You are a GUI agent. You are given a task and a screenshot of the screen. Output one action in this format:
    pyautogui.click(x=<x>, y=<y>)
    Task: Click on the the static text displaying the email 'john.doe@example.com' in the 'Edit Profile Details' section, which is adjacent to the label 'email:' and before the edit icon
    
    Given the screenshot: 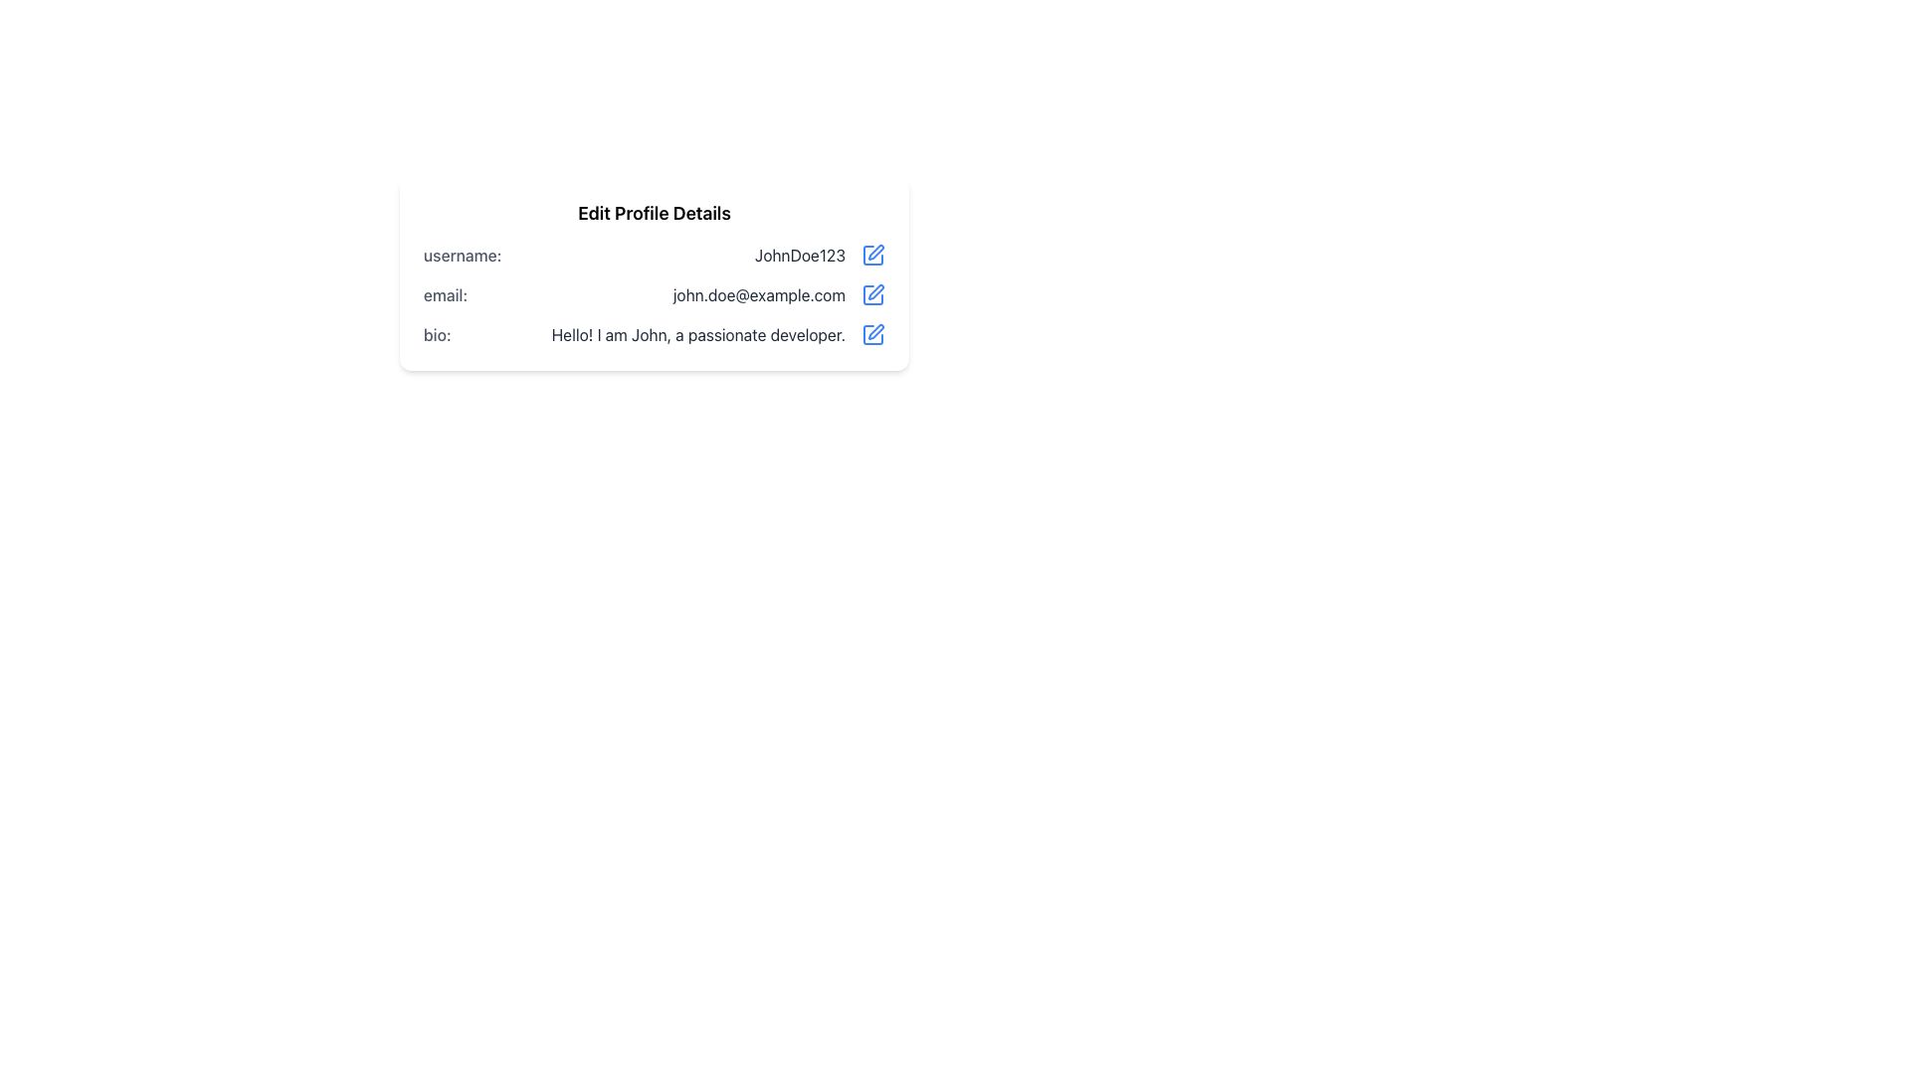 What is the action you would take?
    pyautogui.click(x=758, y=295)
    